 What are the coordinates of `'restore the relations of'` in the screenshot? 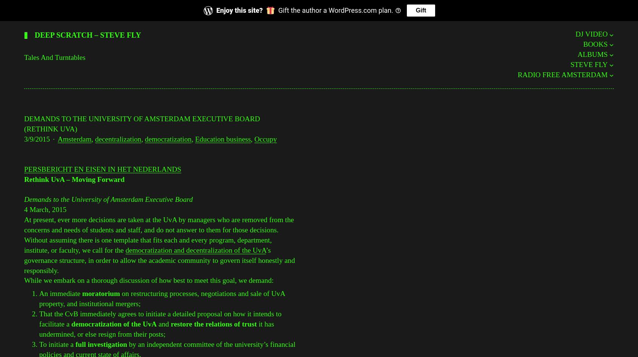 It's located at (205, 323).